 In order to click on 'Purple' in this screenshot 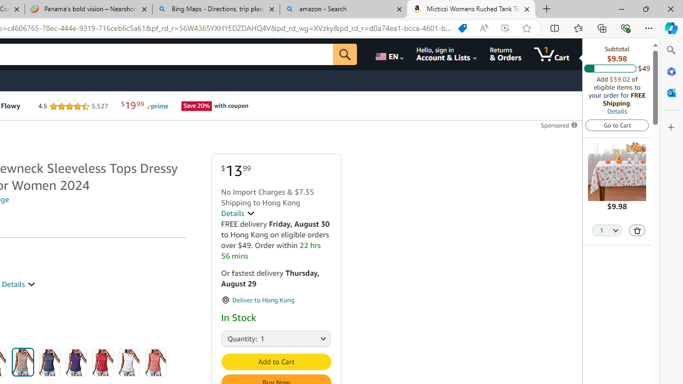, I will do `click(76, 362)`.